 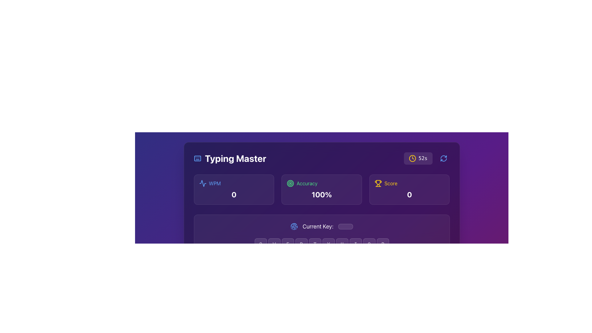 I want to click on the 'Accuracy' label which is styled in green and positioned between a green circular target icon and a percentage label, so click(x=307, y=183).